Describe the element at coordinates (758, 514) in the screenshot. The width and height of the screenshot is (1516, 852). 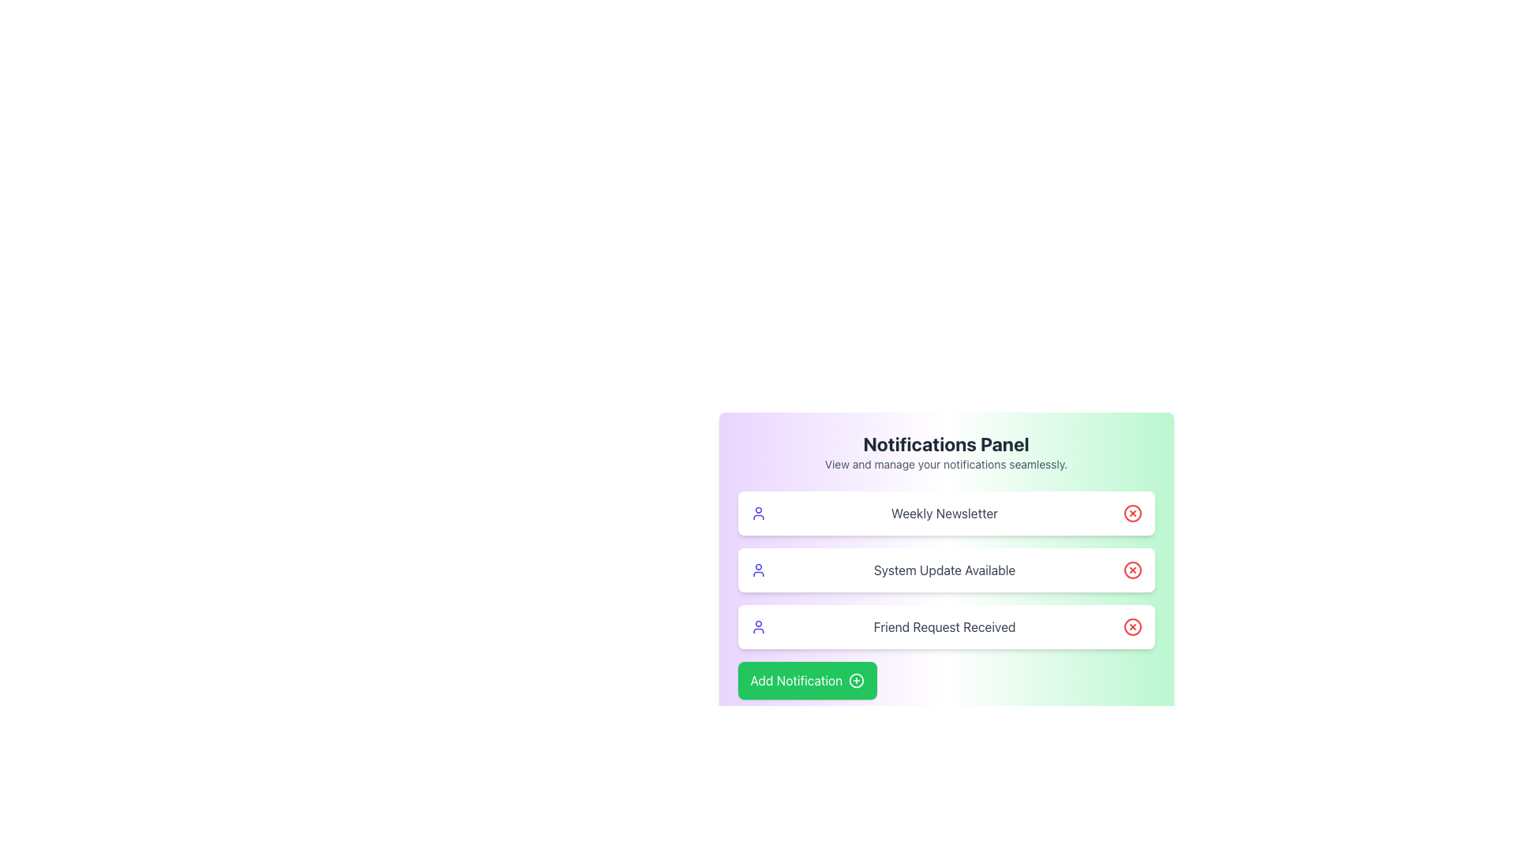
I see `the emblematic icon representing the 'Weekly Newsletter' notification, which is positioned at the left end of its row in the notifications panel` at that location.